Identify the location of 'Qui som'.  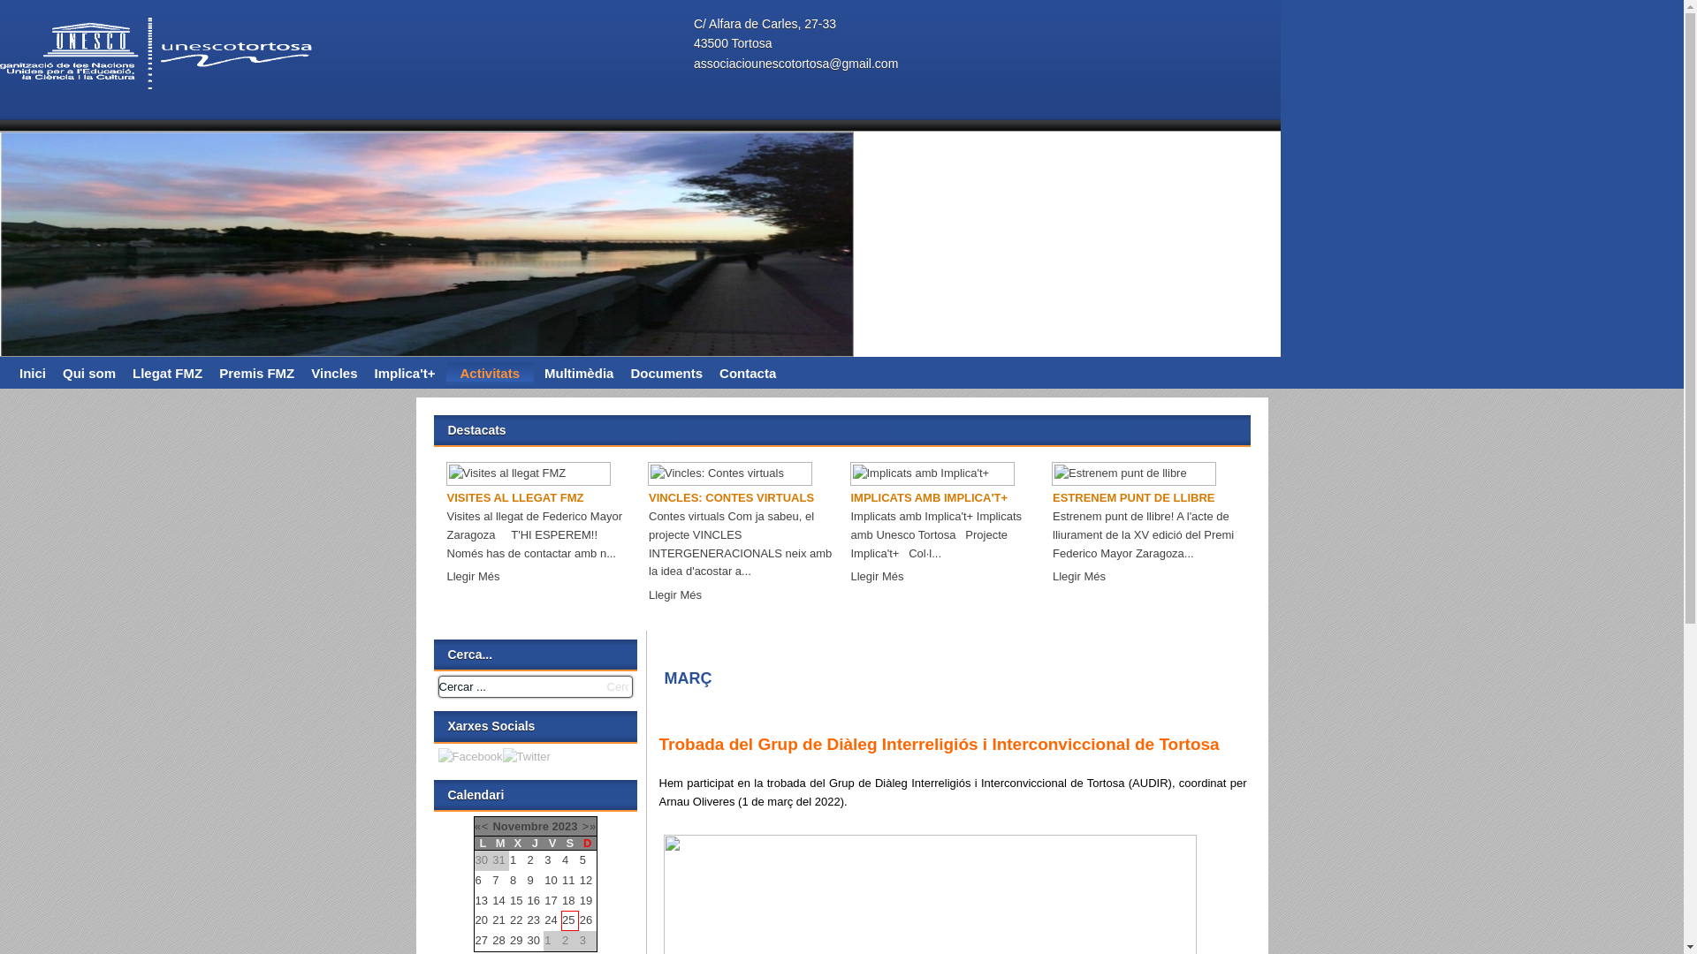
(88, 373).